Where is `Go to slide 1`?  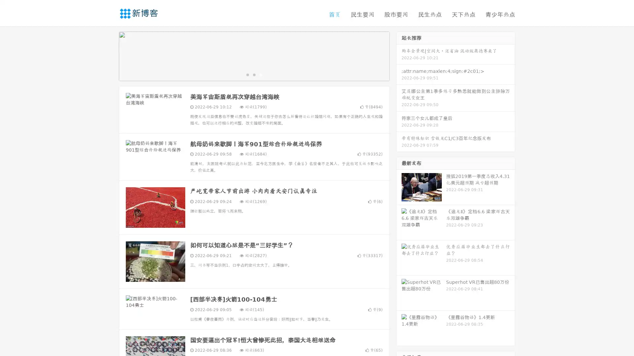
Go to slide 1 is located at coordinates (247, 74).